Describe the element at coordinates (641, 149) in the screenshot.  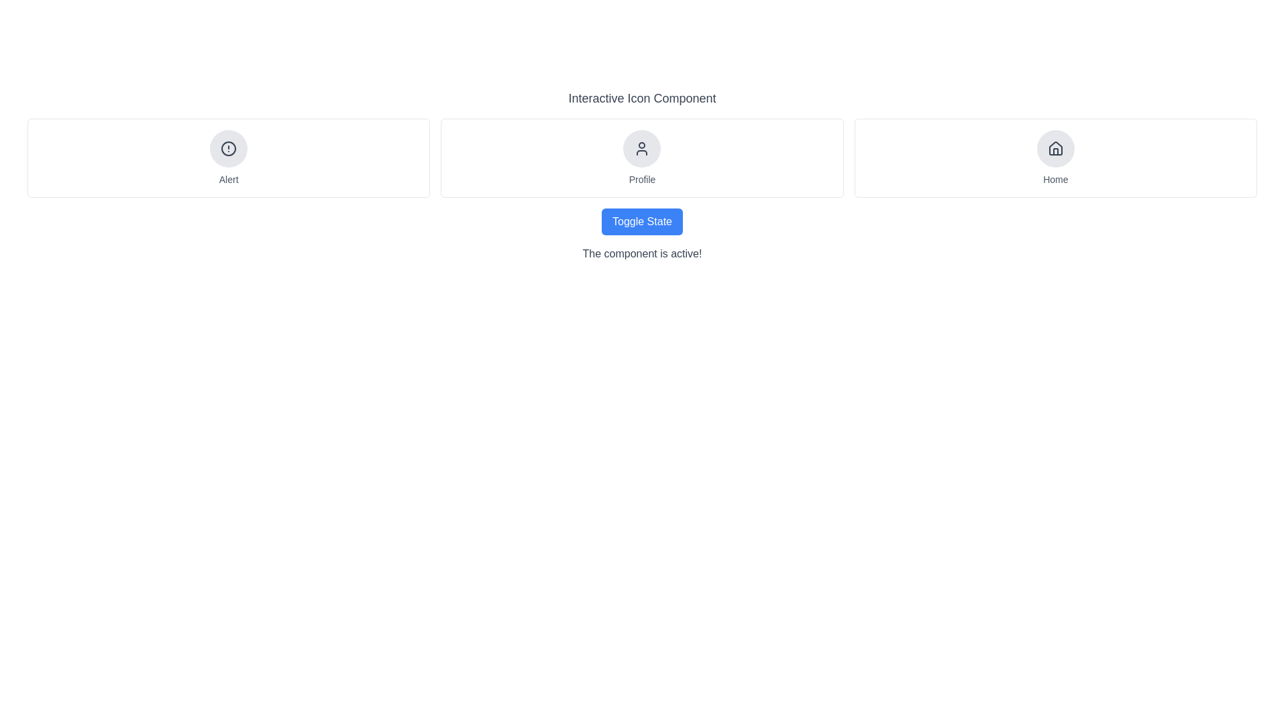
I see `the user silhouette icon representing the profile in the middle column of the interface` at that location.